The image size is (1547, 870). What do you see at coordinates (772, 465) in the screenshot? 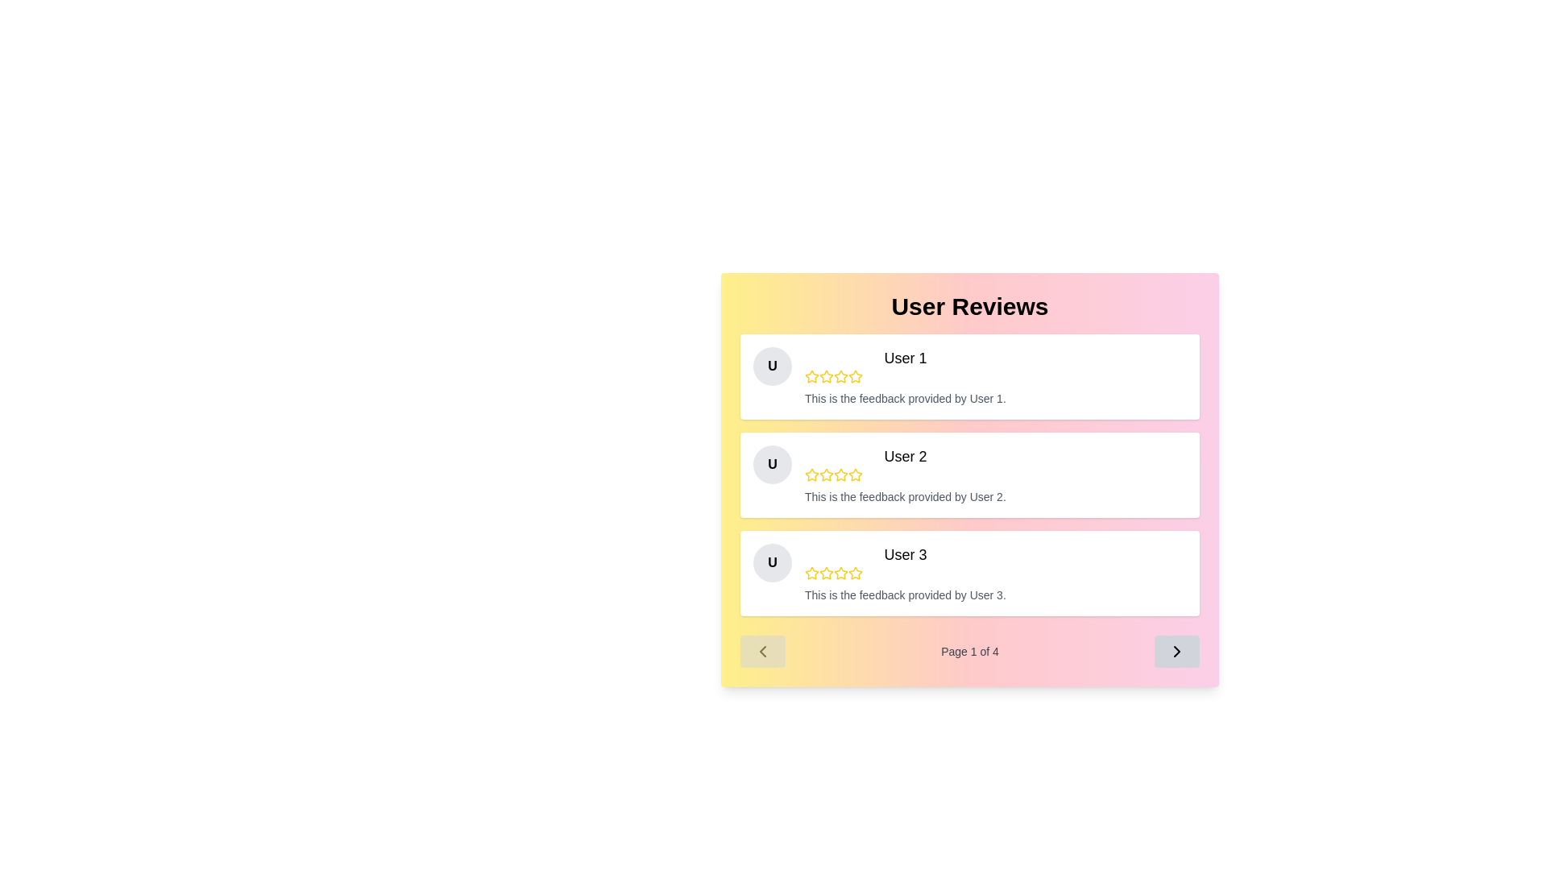
I see `the circular badge with a light gray background and a bold black capital 'U' in its center, which is positioned at the top-left corner of the card for 'User 2'` at bounding box center [772, 465].